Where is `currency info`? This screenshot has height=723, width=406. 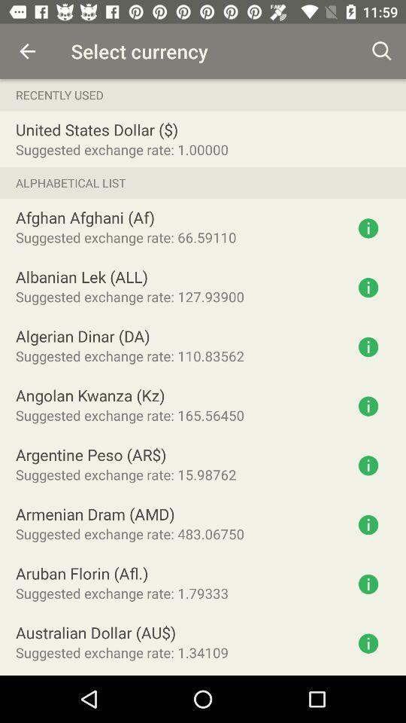 currency info is located at coordinates (368, 287).